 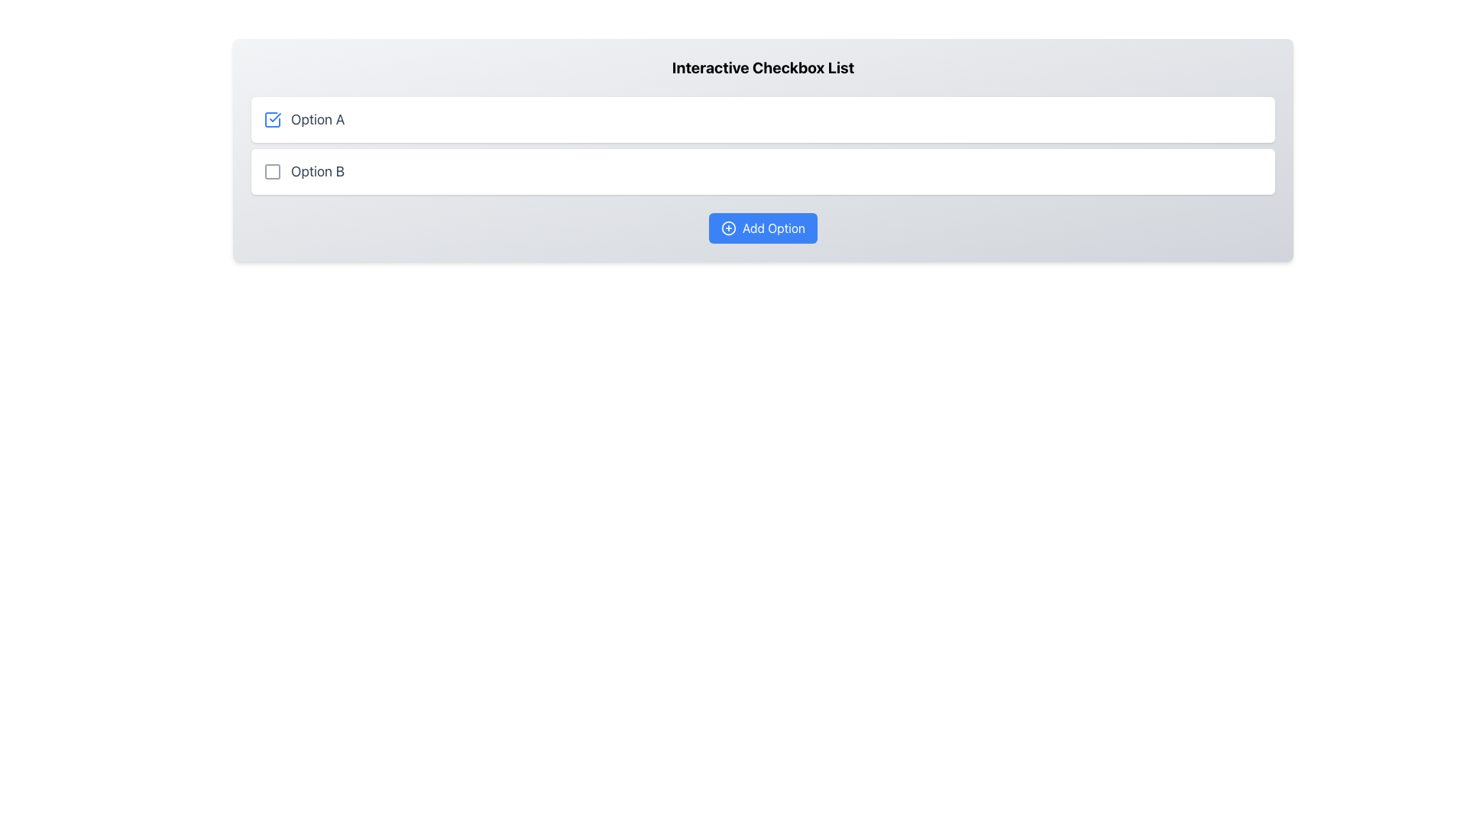 I want to click on the circular icon with a plus sign located inside the 'Add Option' button, so click(x=728, y=228).